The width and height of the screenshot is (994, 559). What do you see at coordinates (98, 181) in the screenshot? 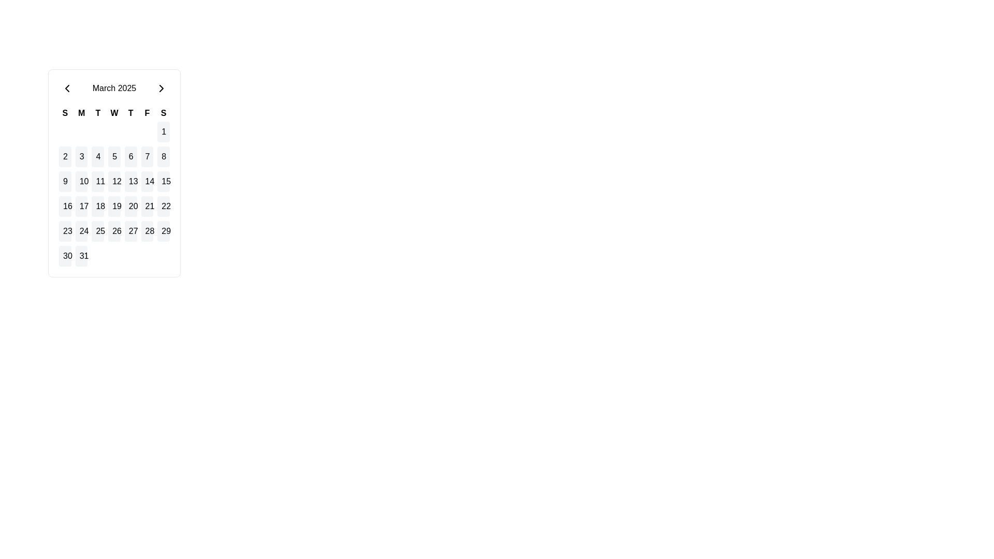
I see `the button displaying the number '11' in the third row and fourth column of the calendar grid` at bounding box center [98, 181].